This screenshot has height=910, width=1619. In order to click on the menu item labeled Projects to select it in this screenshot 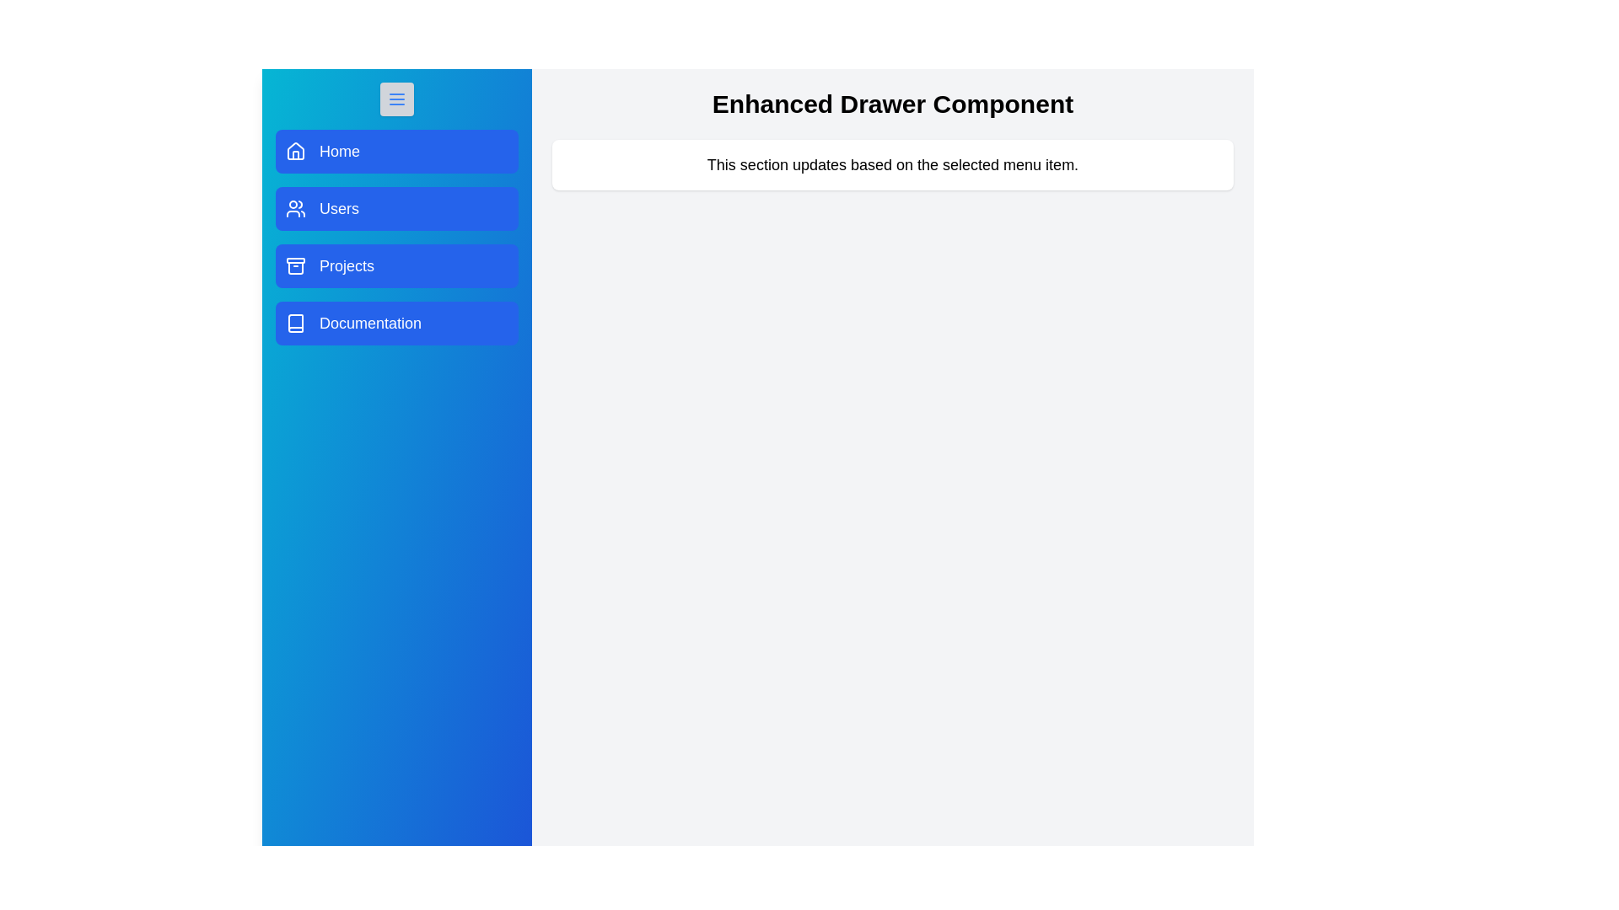, I will do `click(395, 265)`.